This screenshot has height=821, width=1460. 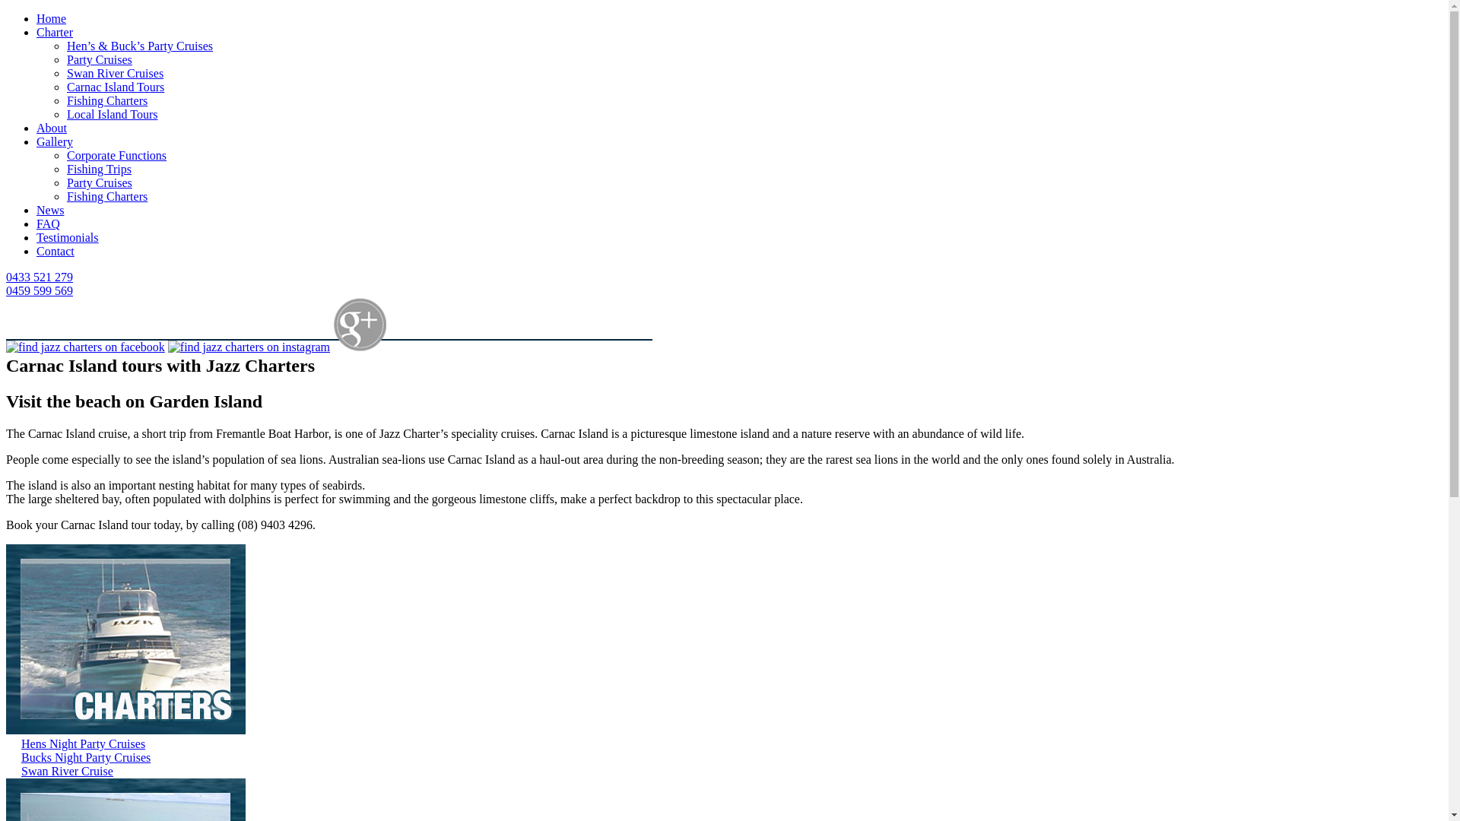 What do you see at coordinates (65, 169) in the screenshot?
I see `'Fishing Trips'` at bounding box center [65, 169].